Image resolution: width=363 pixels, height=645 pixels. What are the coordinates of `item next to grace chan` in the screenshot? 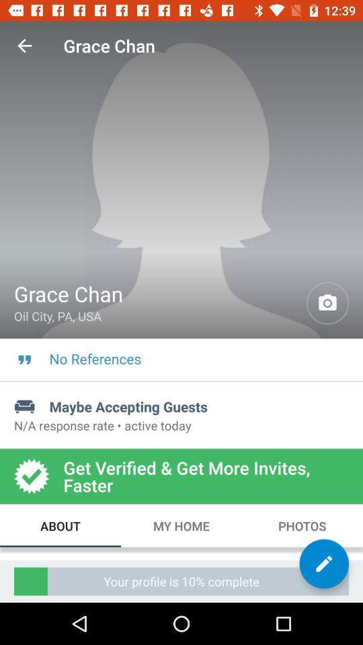 It's located at (24, 46).